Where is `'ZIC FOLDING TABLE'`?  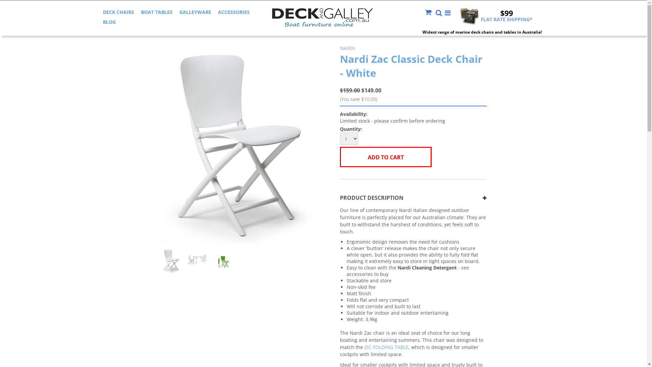 'ZIC FOLDING TABLE' is located at coordinates (386, 347).